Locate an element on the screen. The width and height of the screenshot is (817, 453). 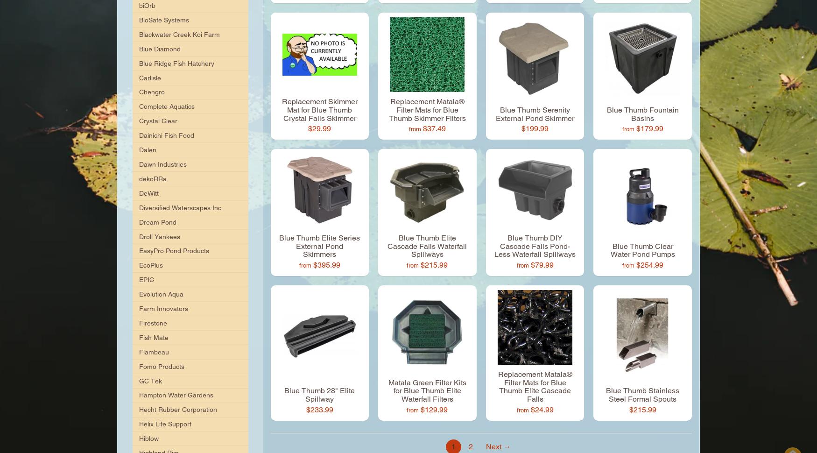
'Blue Thumb 28" Elite Spillway' is located at coordinates (284, 394).